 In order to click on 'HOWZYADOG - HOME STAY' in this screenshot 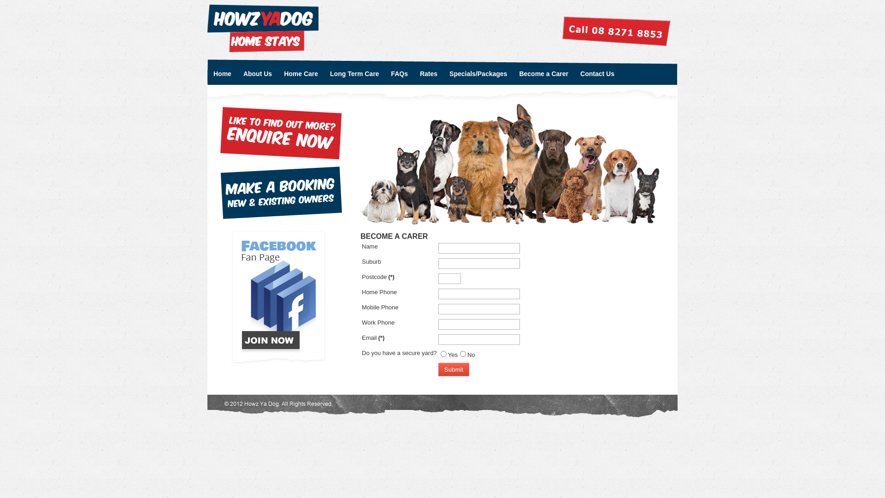, I will do `click(262, 28)`.